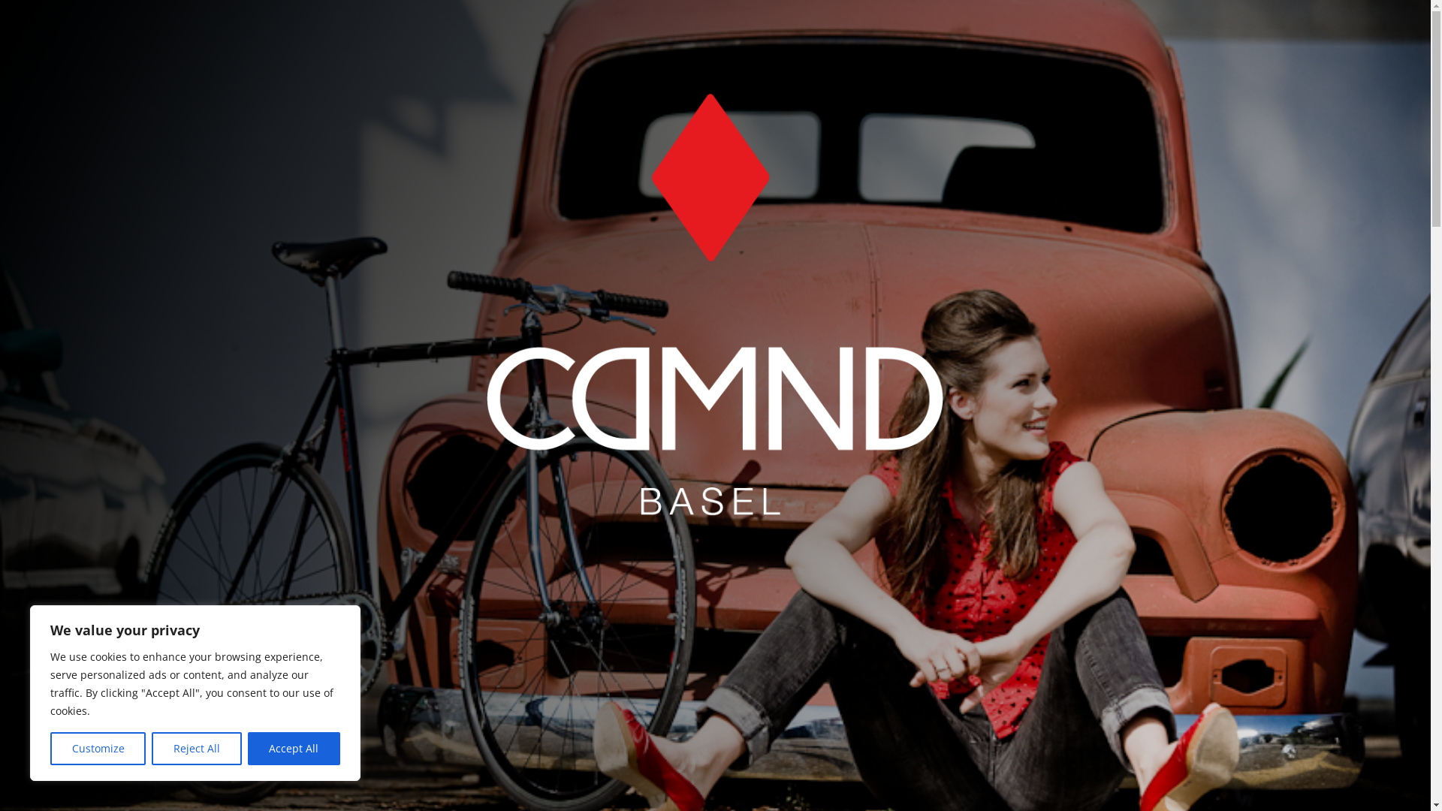 Image resolution: width=1442 pixels, height=811 pixels. Describe the element at coordinates (248, 748) in the screenshot. I see `'Accept All'` at that location.